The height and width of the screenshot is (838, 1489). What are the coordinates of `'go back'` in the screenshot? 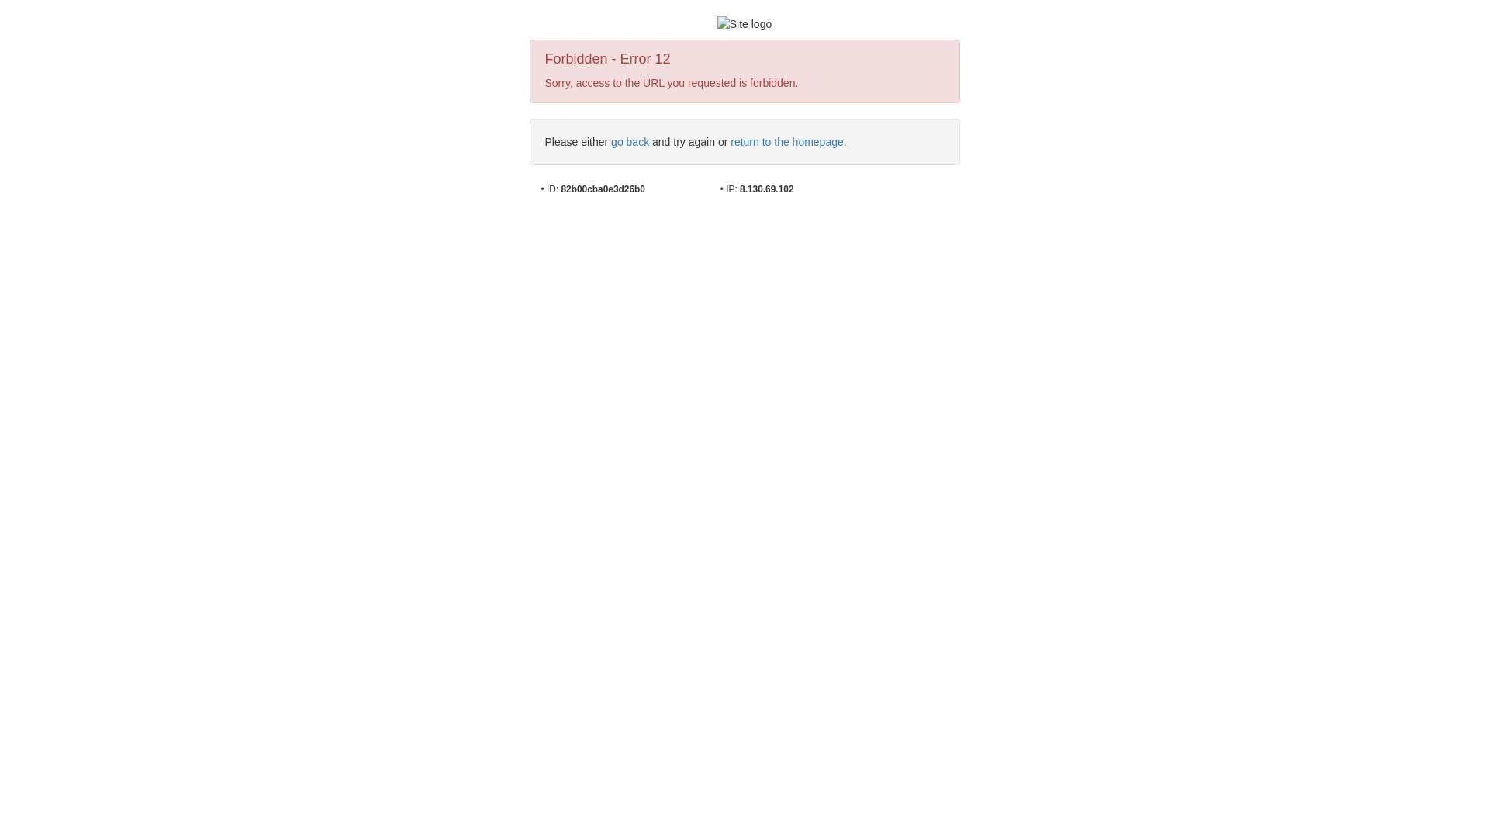 It's located at (630, 141).